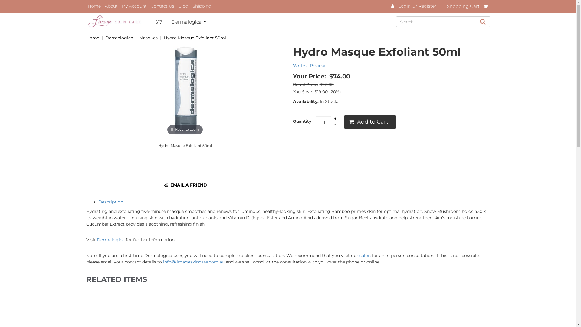 This screenshot has height=327, width=581. Describe the element at coordinates (365, 256) in the screenshot. I see `'salon'` at that location.